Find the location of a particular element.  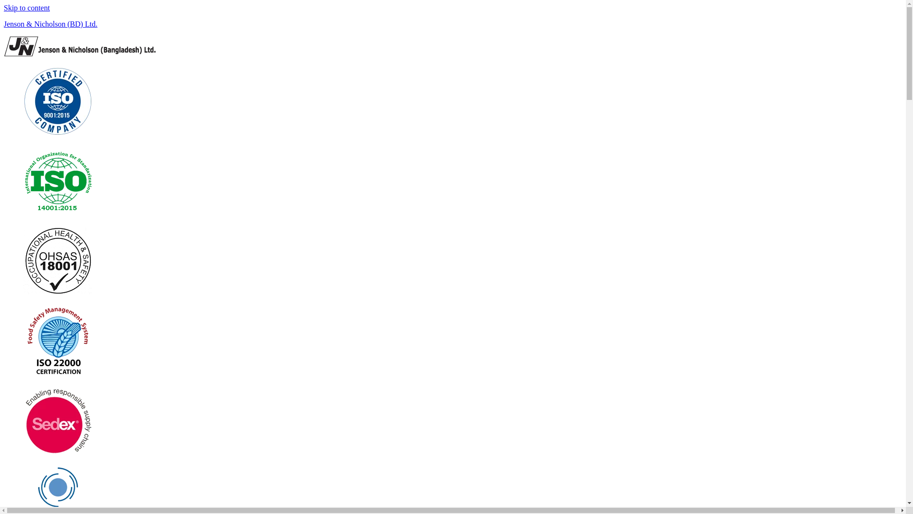

'Skip to content' is located at coordinates (27, 8).